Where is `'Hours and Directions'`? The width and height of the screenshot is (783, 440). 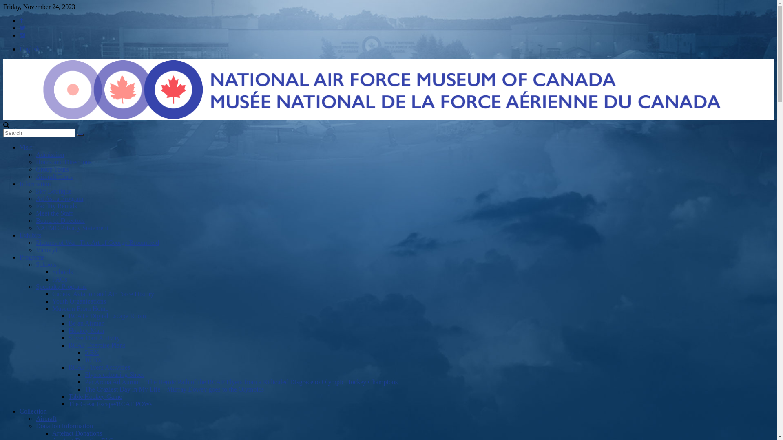 'Hours and Directions' is located at coordinates (63, 162).